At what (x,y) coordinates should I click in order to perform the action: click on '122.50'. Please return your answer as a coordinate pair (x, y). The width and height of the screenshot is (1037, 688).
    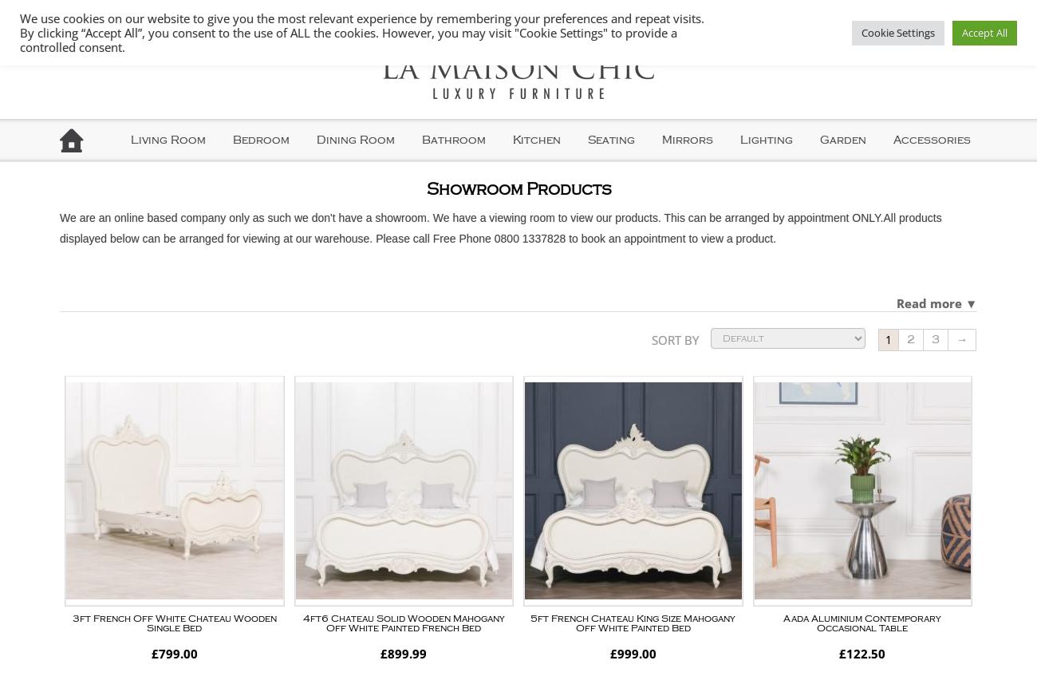
    Looking at the image, I should click on (865, 652).